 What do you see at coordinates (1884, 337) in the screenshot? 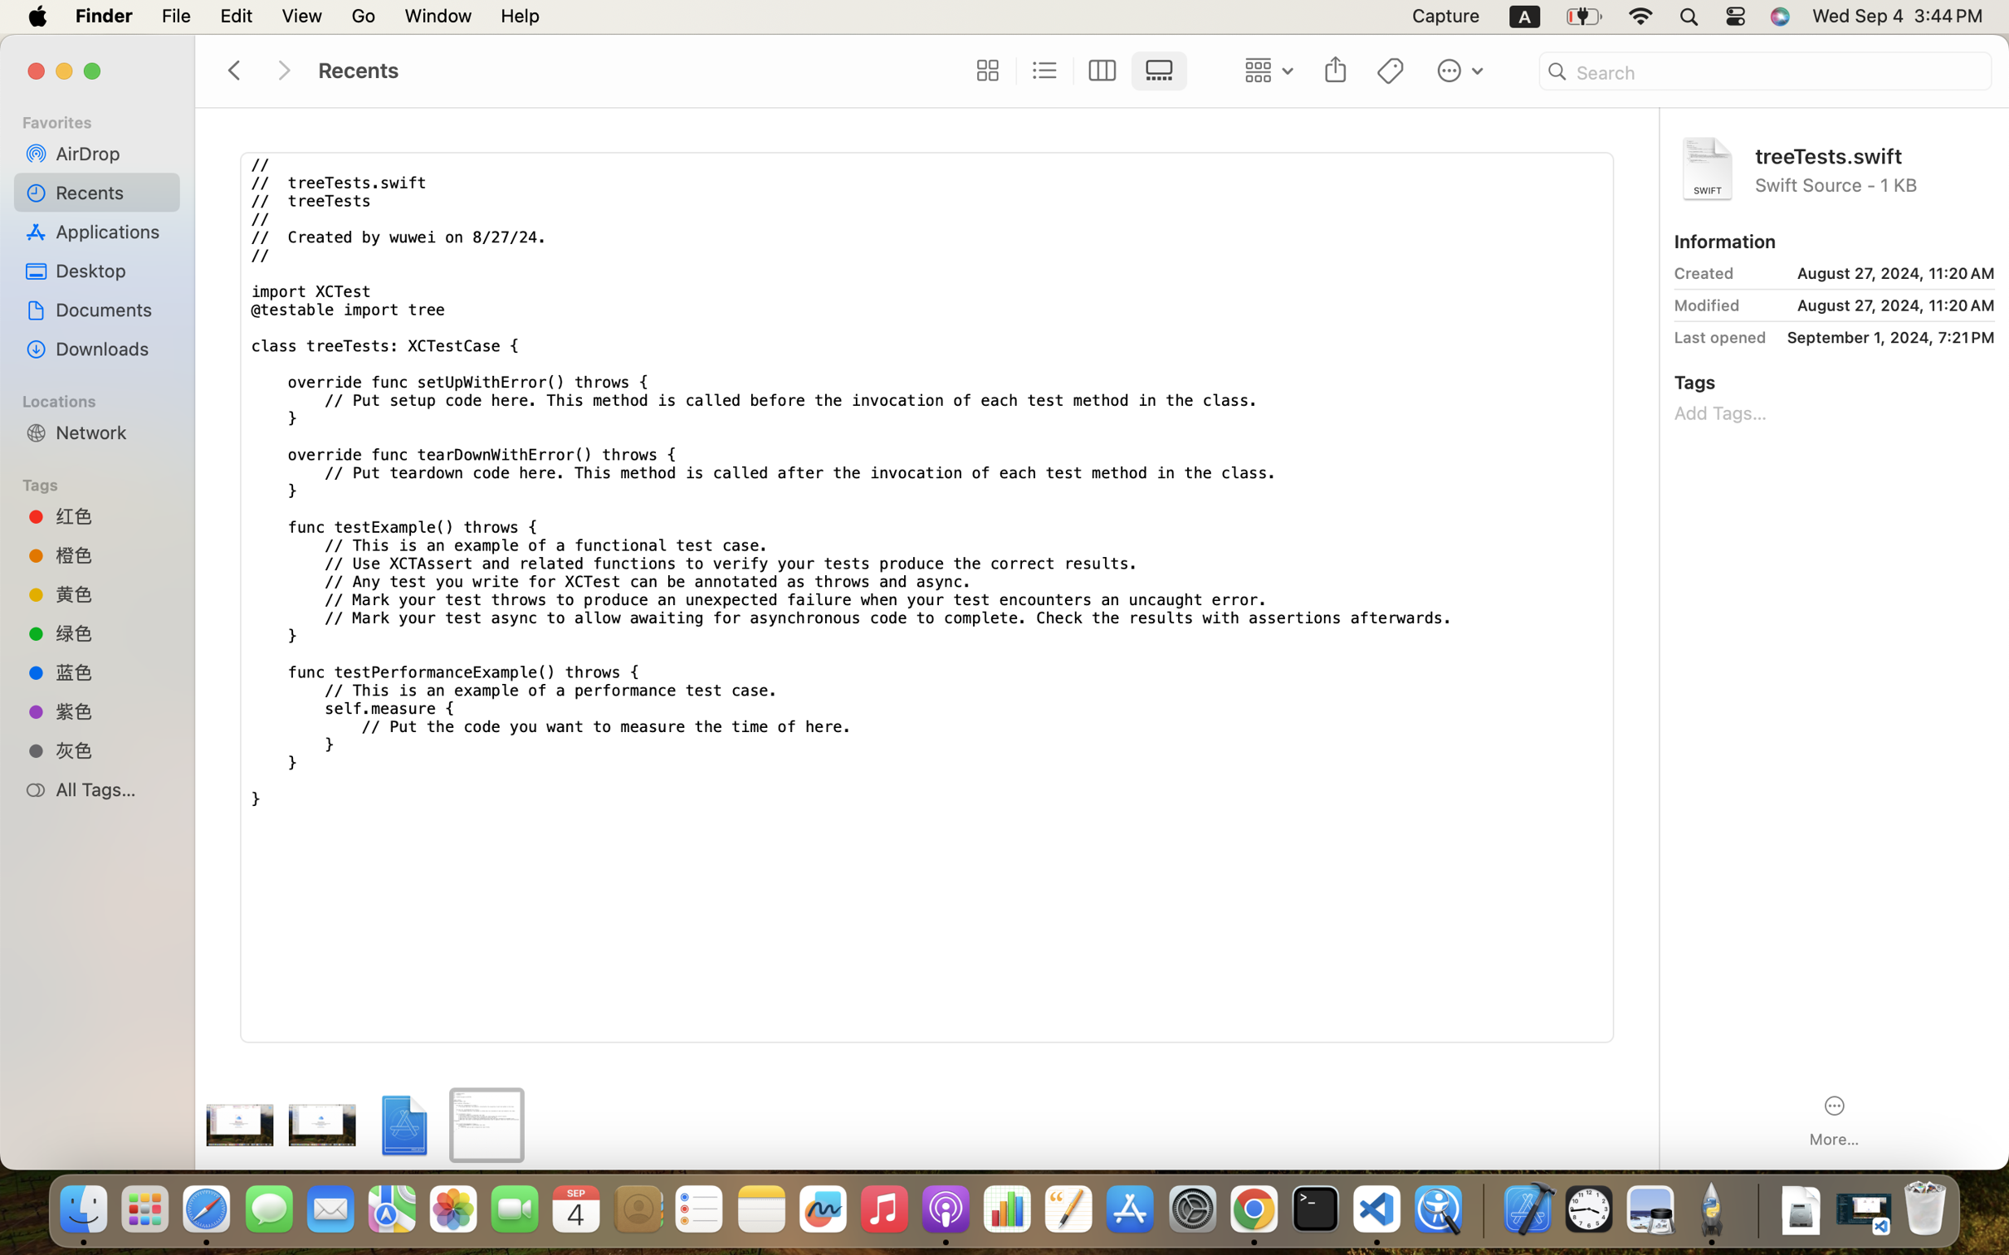
I see `'September 1, 2024, 7:21 PM'` at bounding box center [1884, 337].